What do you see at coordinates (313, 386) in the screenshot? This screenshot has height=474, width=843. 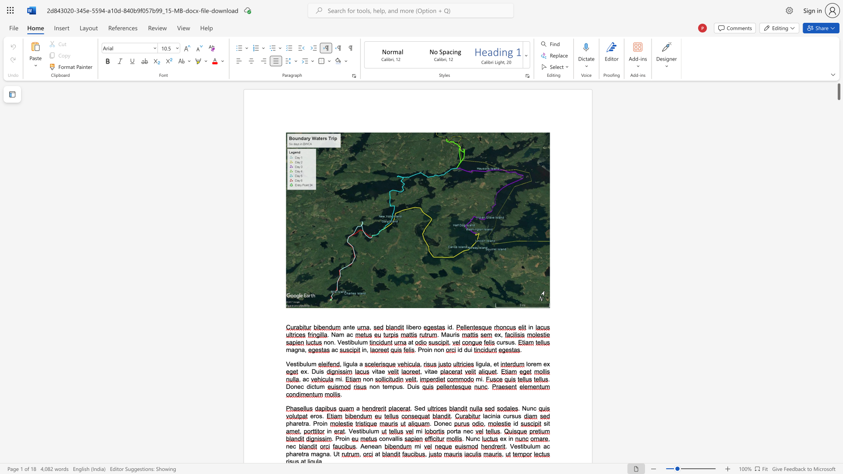 I see `the 2th character "c" in the text` at bounding box center [313, 386].